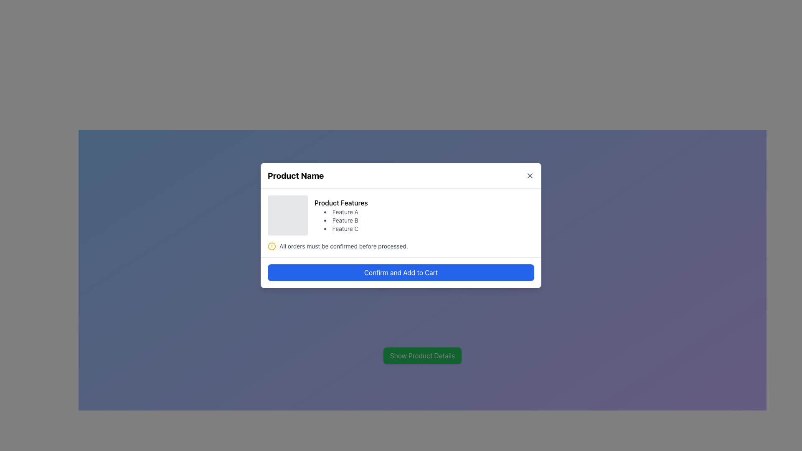  Describe the element at coordinates (401, 222) in the screenshot. I see `the informational section titled 'Product Features' which includes a list of features and a notice about order confirmation` at that location.